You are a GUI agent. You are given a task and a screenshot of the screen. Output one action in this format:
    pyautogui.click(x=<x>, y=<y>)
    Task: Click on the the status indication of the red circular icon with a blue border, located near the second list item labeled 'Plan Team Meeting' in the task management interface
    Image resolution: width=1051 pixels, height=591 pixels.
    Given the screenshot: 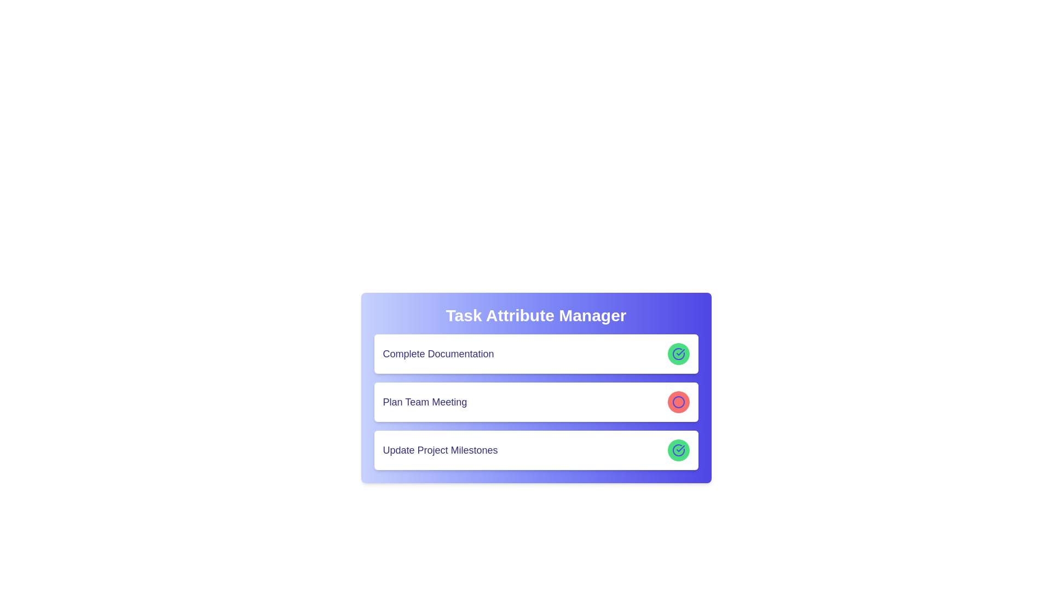 What is the action you would take?
    pyautogui.click(x=678, y=402)
    